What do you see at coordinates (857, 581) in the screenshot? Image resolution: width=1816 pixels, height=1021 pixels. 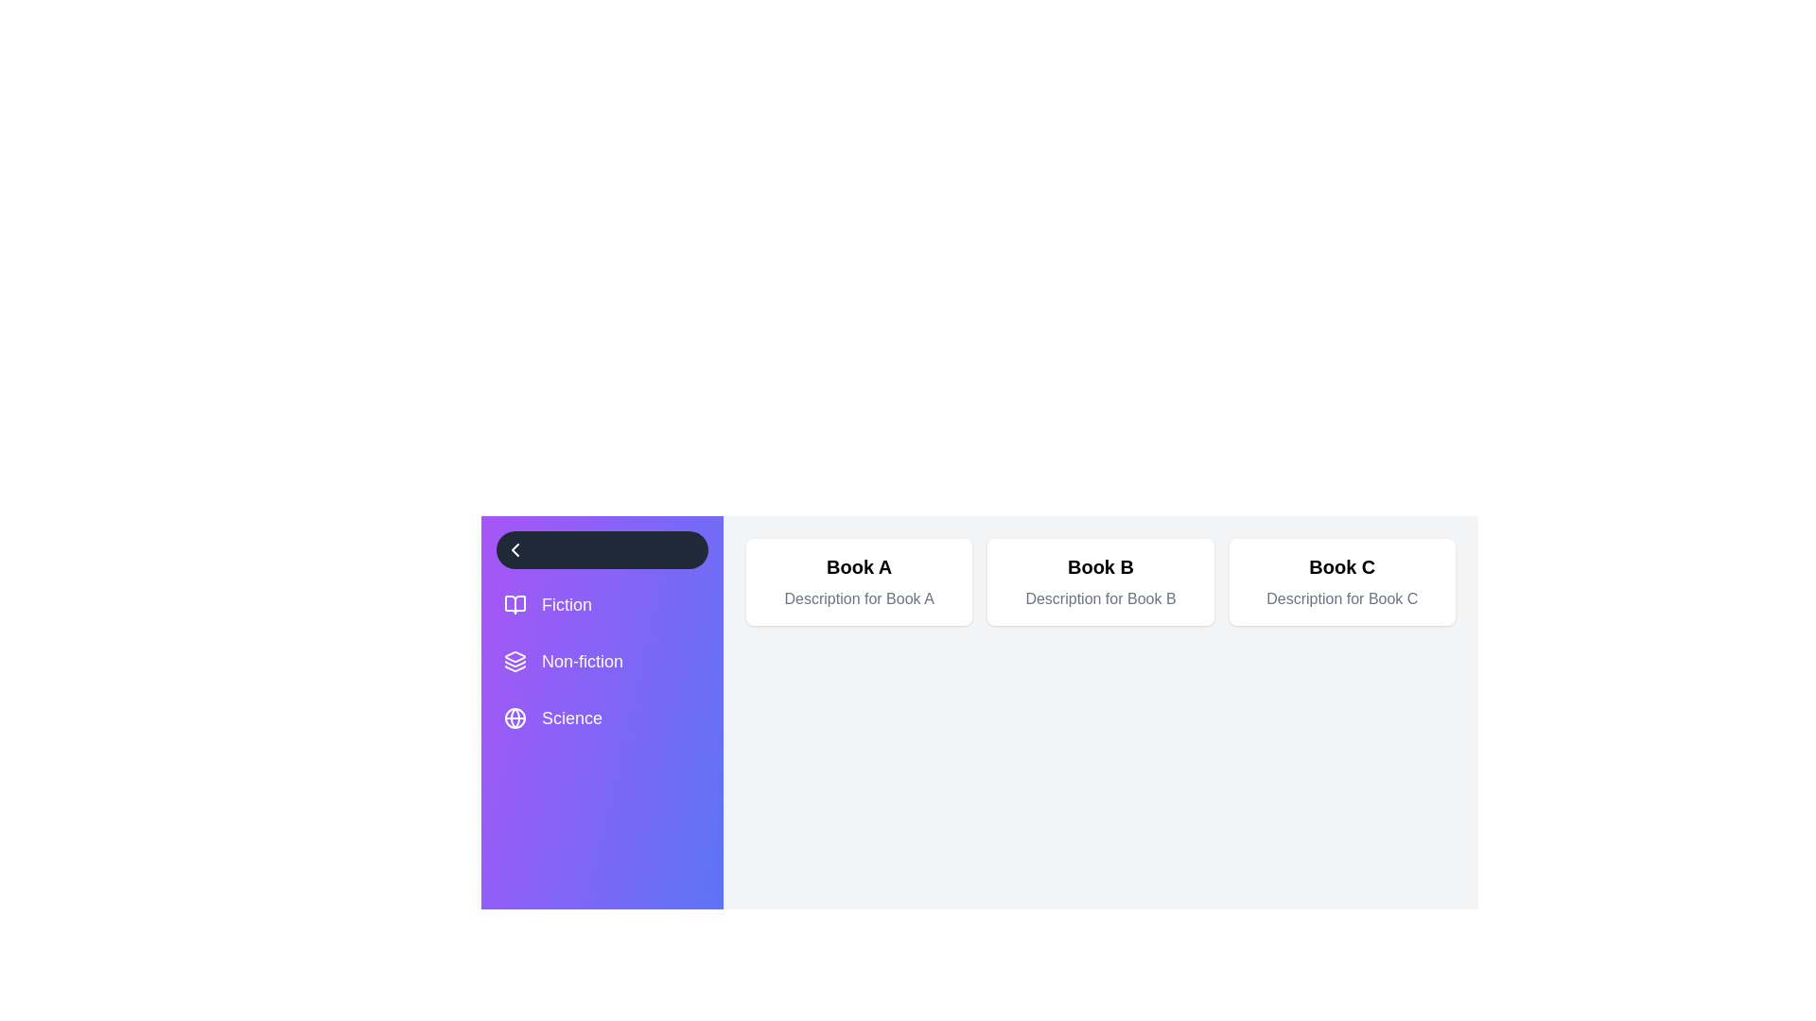 I see `the card representing Book A` at bounding box center [857, 581].